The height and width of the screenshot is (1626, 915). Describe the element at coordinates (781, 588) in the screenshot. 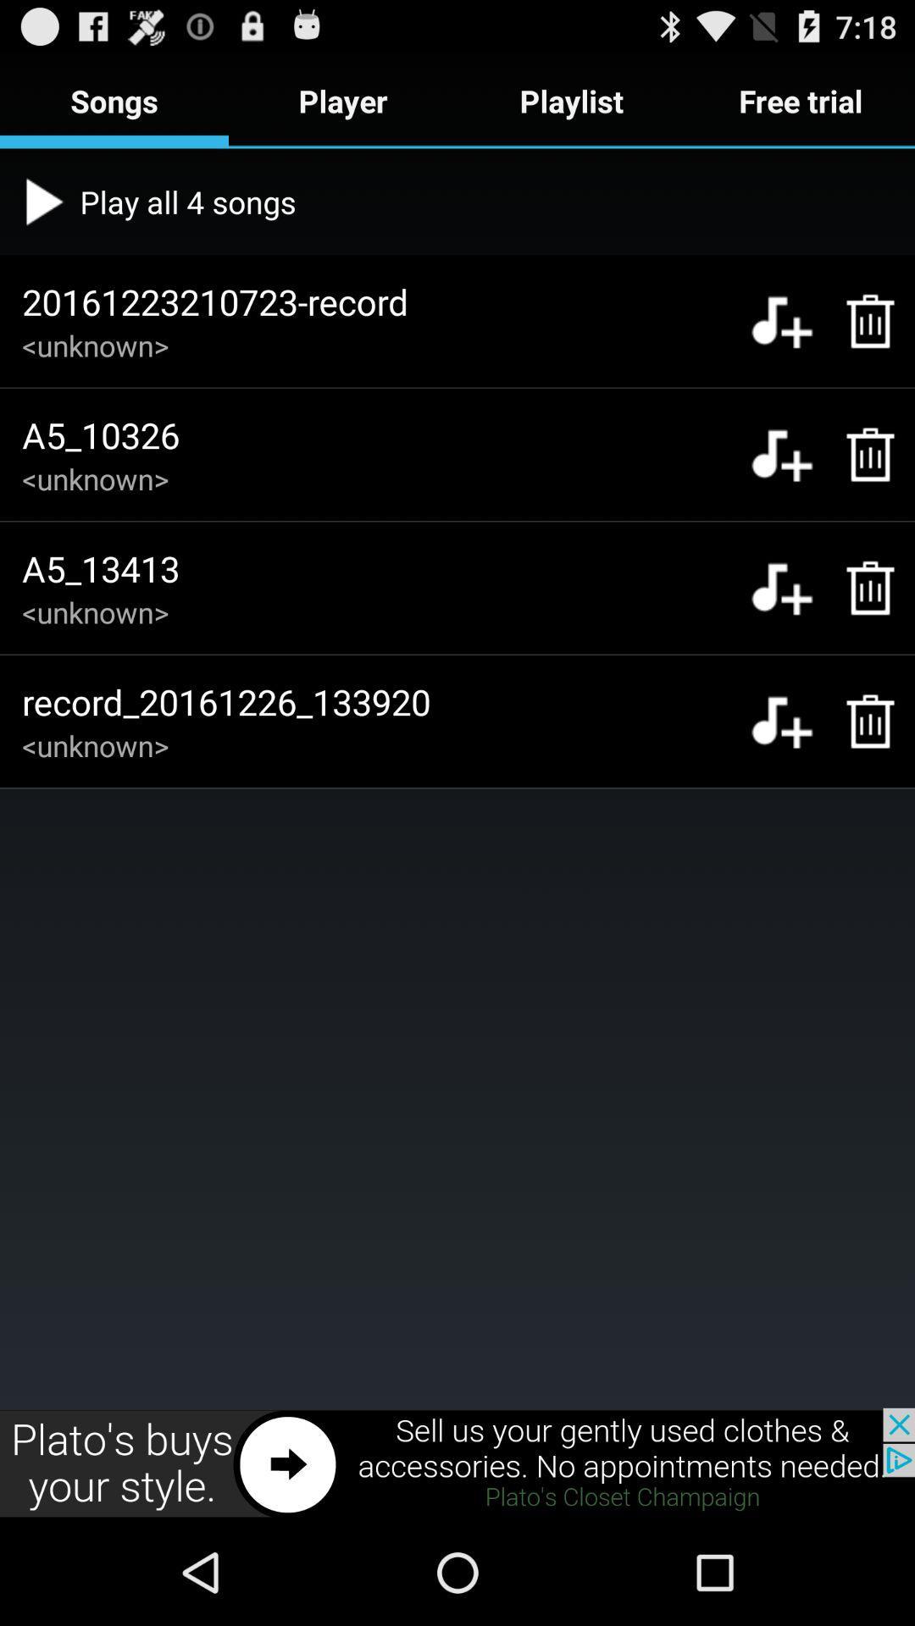

I see `song key` at that location.